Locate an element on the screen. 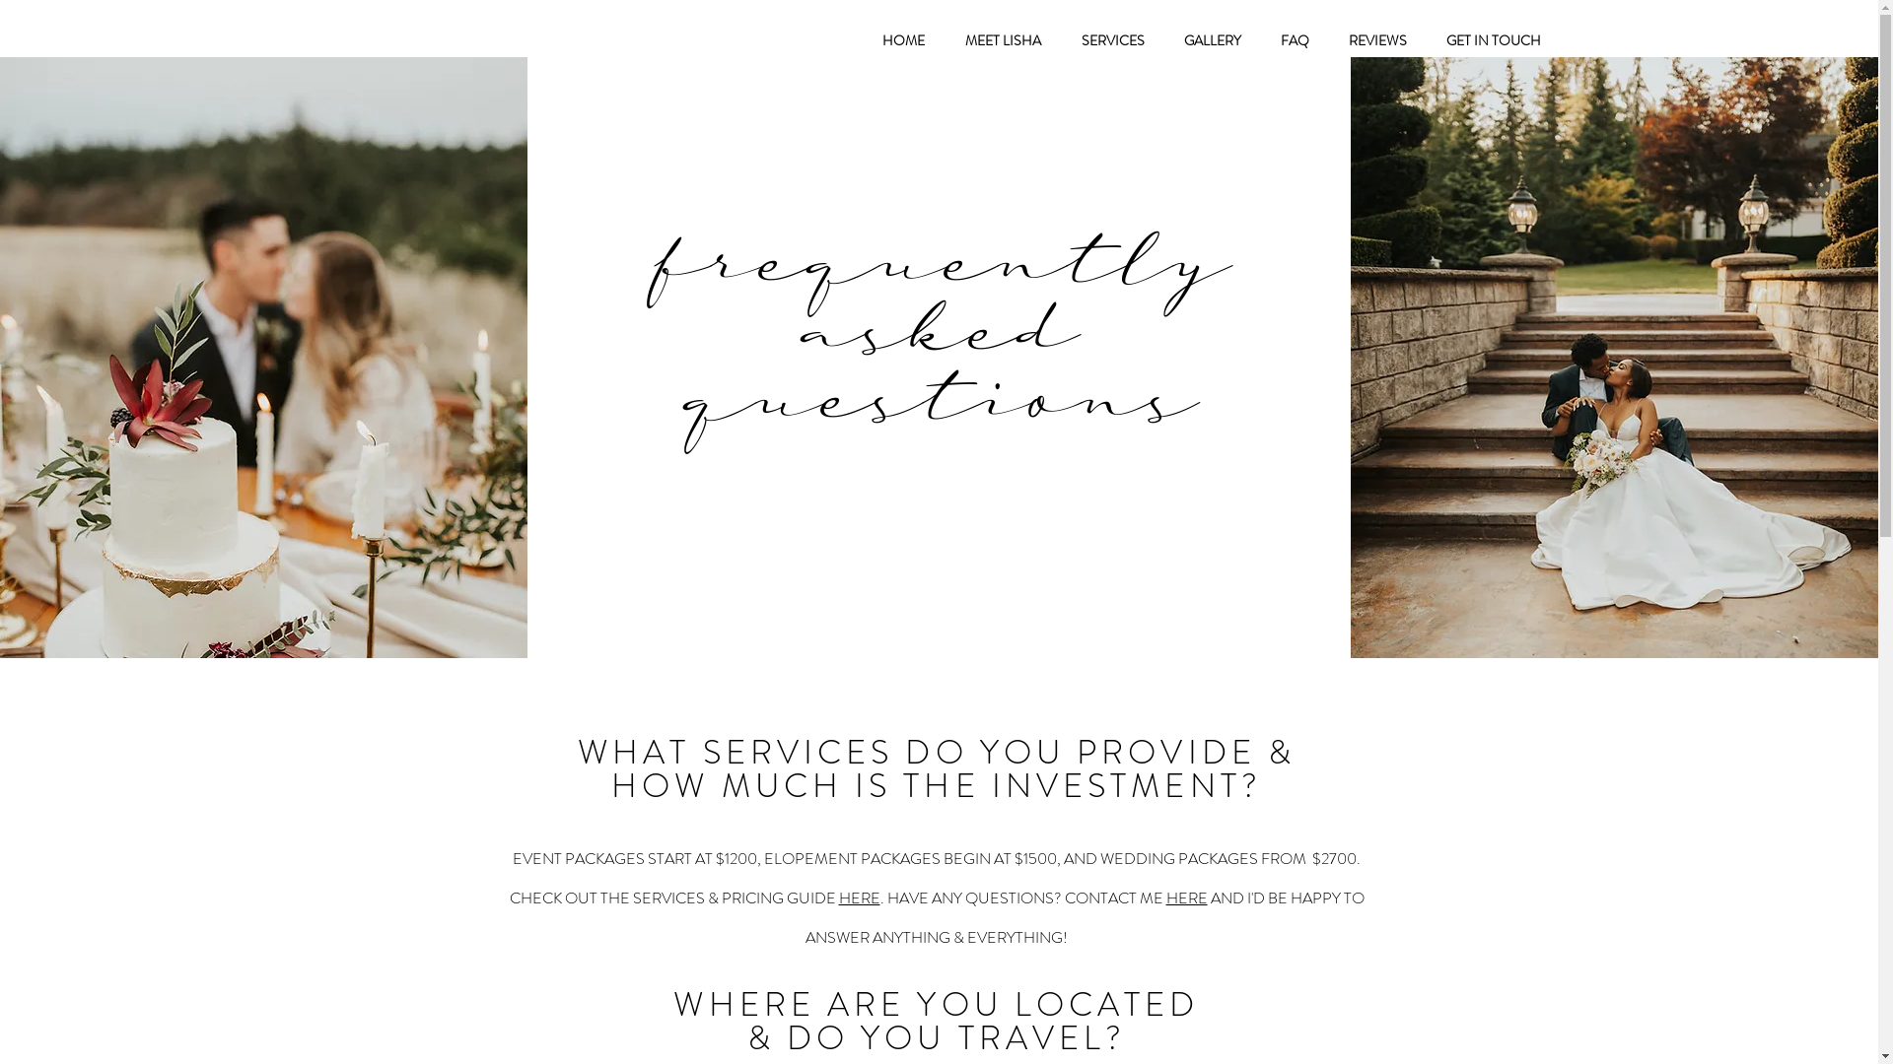 Image resolution: width=1893 pixels, height=1064 pixels. 'SERVICES' is located at coordinates (1059, 40).